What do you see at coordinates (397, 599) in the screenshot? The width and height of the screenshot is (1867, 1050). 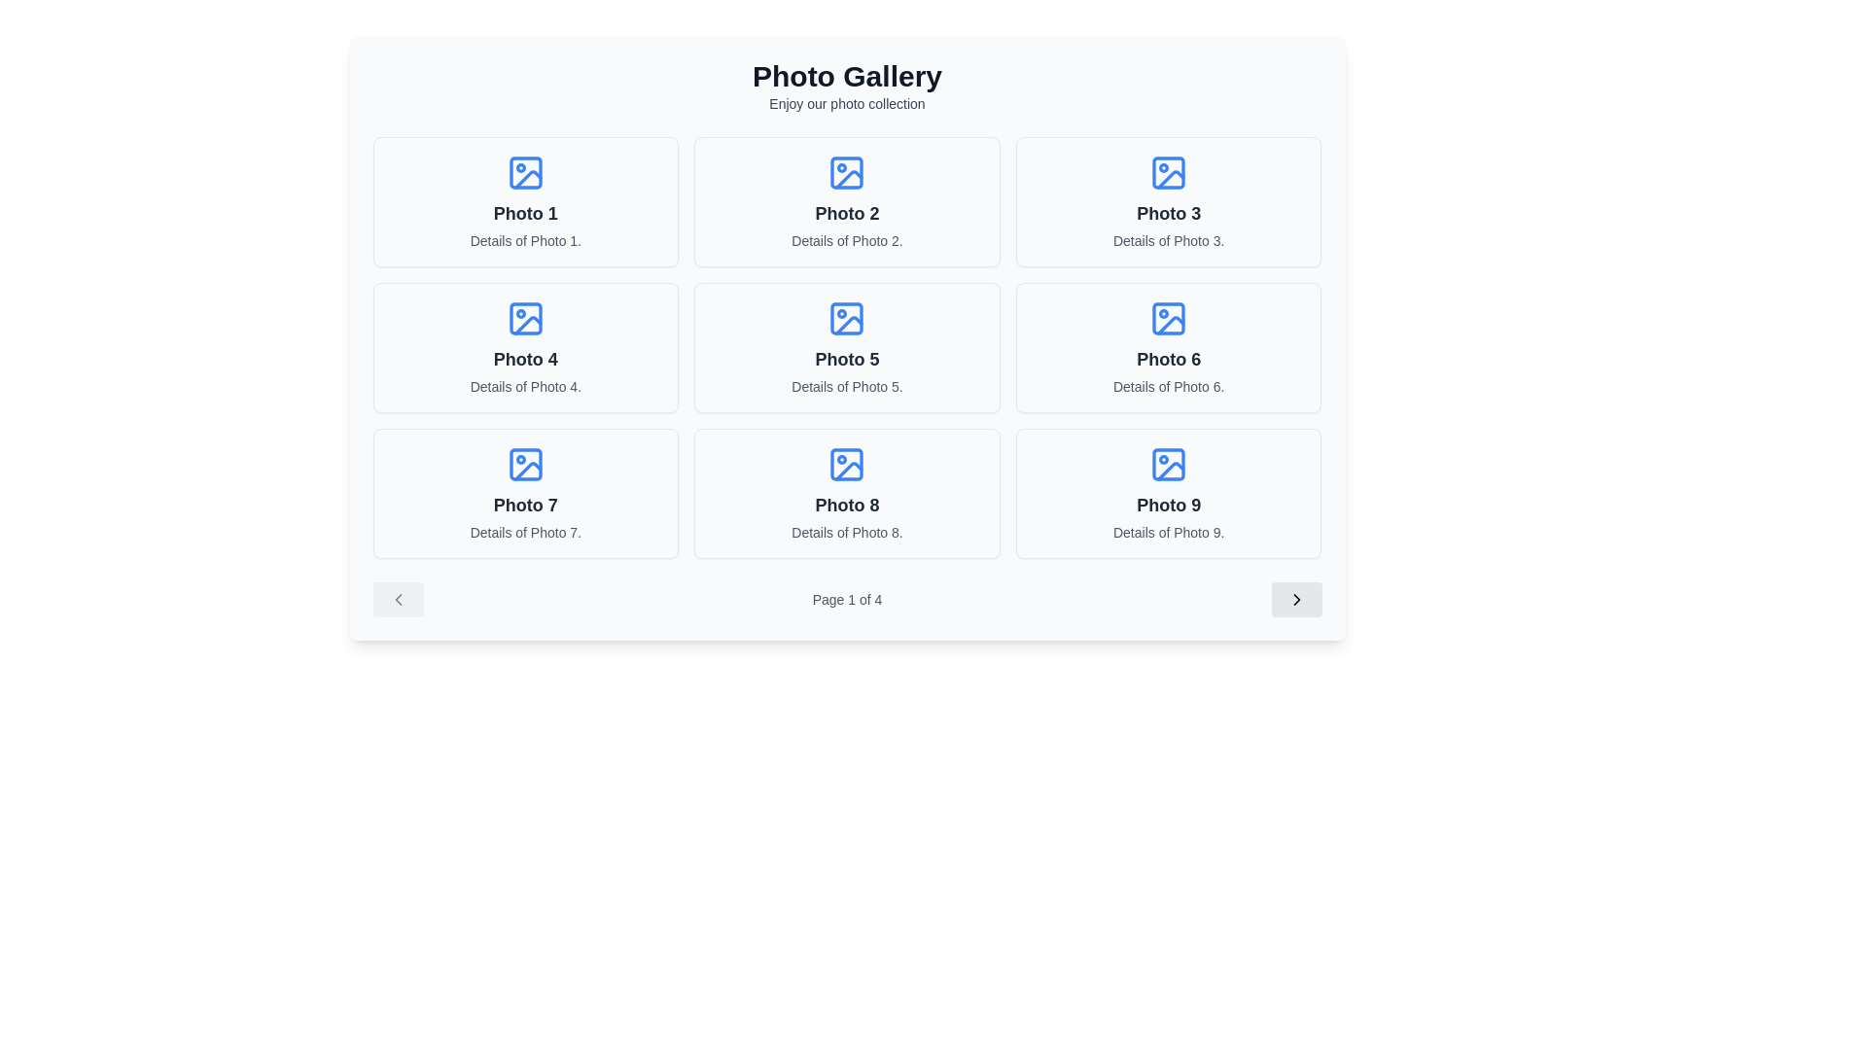 I see `the arrow icon button located at the lower left of the interface` at bounding box center [397, 599].